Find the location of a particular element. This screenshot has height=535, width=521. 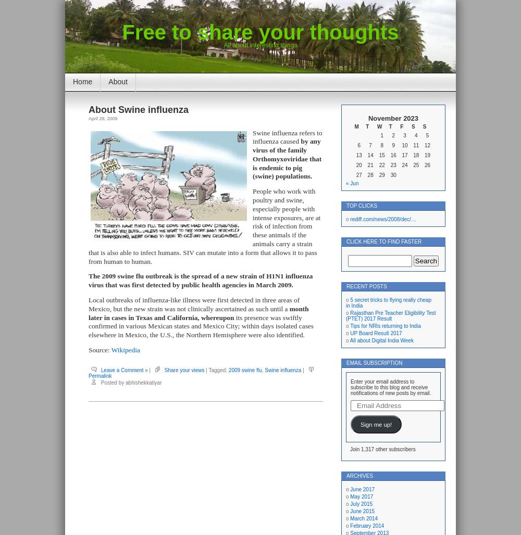

'M' is located at coordinates (354, 126).